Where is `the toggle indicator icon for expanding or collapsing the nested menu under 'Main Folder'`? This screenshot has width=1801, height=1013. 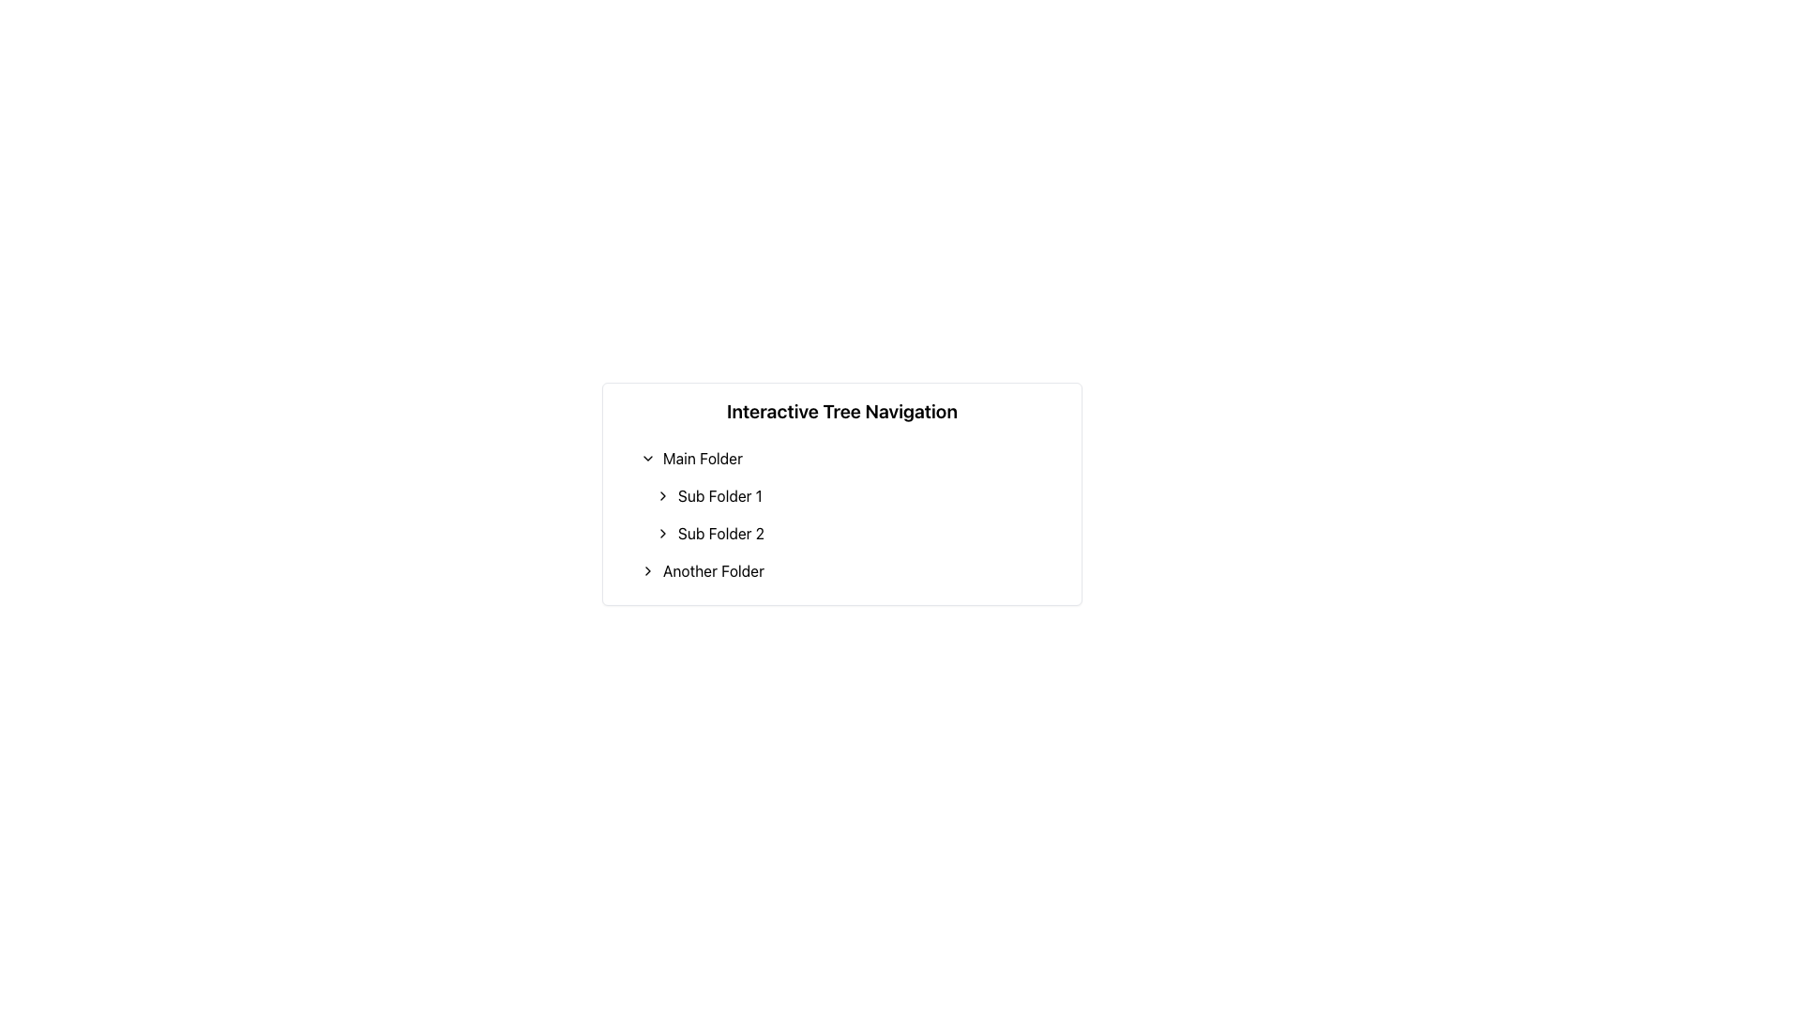 the toggle indicator icon for expanding or collapsing the nested menu under 'Main Folder' is located at coordinates (648, 459).